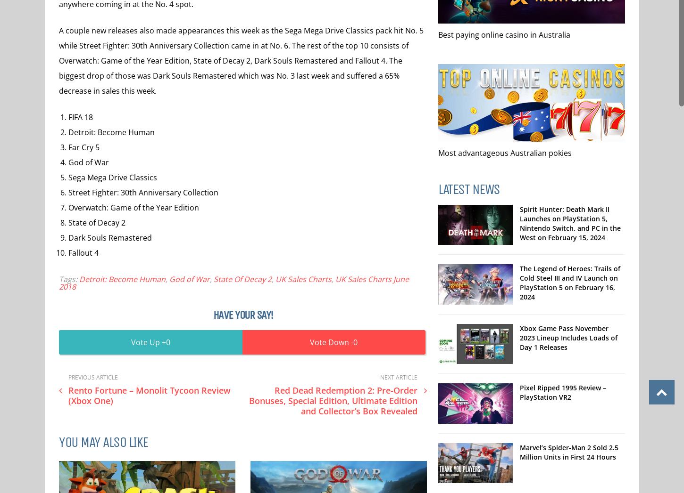 This screenshot has width=684, height=493. I want to click on 'Have your say!', so click(212, 315).